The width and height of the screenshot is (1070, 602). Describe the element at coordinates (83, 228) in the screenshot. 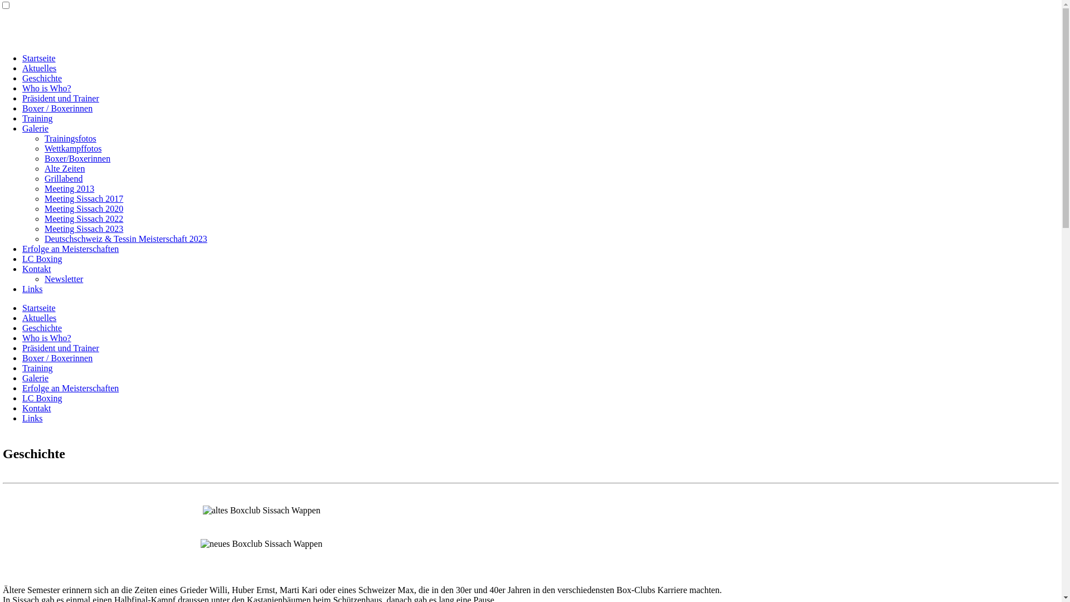

I see `'Meeting Sissach 2023'` at that location.